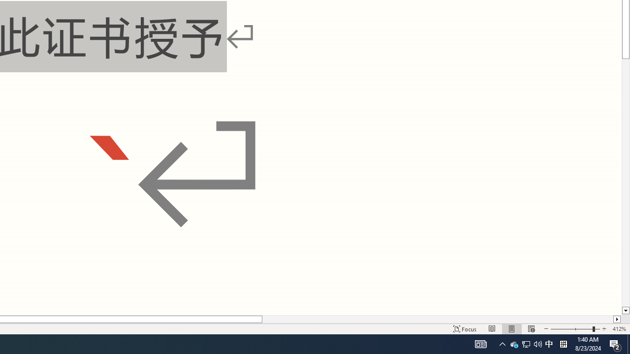 The image size is (630, 354). Describe the element at coordinates (619, 329) in the screenshot. I see `'Zoom 412%'` at that location.